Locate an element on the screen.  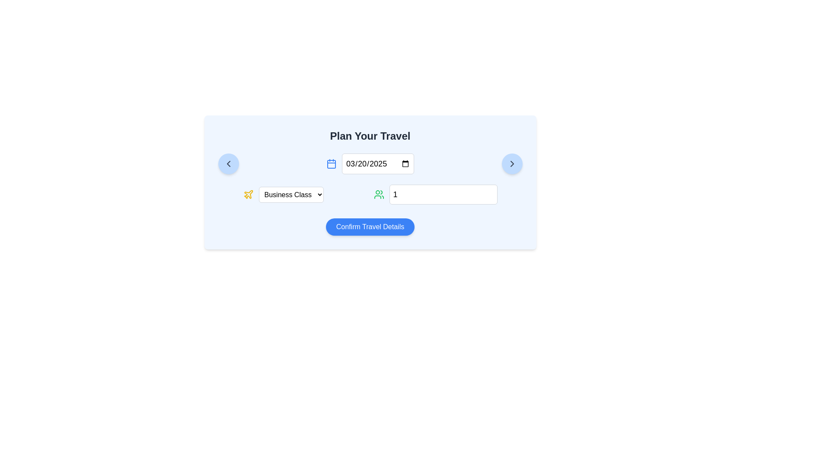
the blue button labeled 'Confirm Travel Details' is located at coordinates (370, 226).